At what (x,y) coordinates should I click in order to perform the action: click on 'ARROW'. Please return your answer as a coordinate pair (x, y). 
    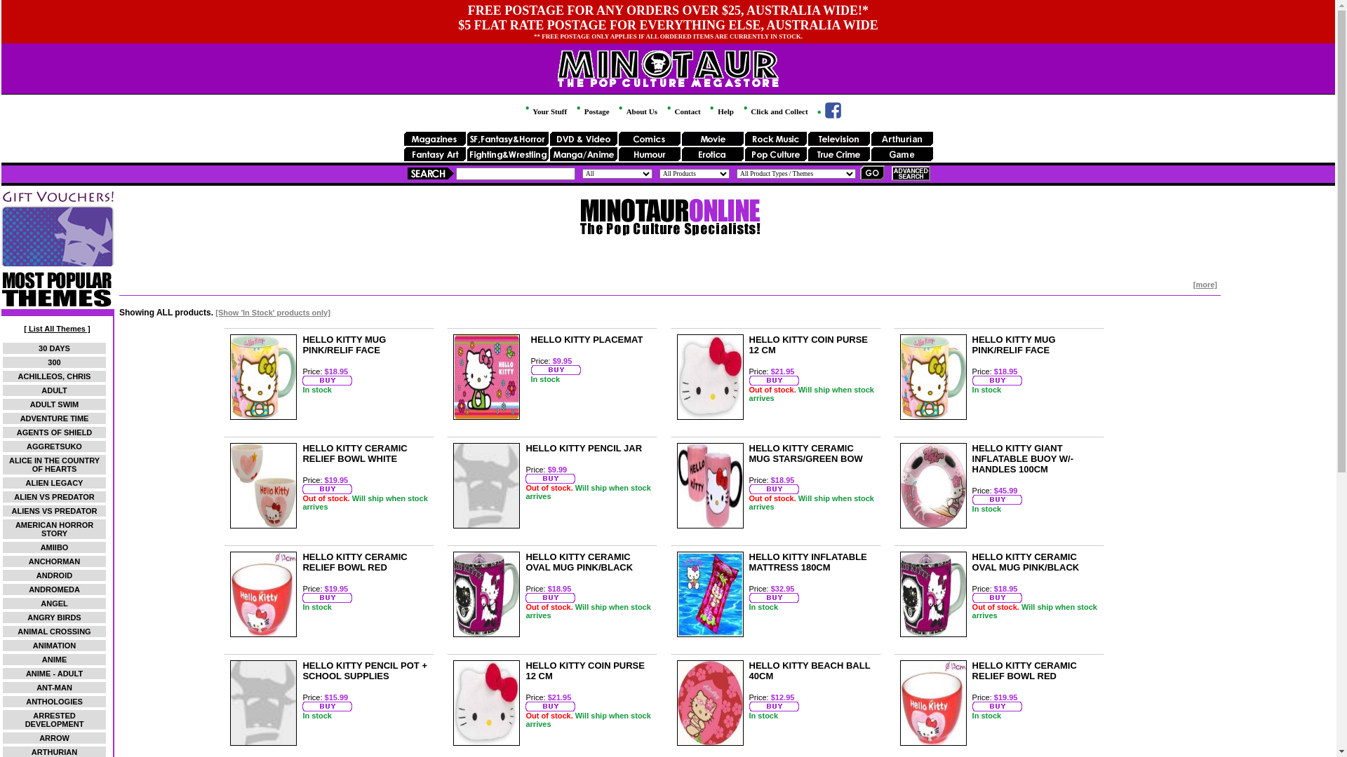
    Looking at the image, I should click on (39, 737).